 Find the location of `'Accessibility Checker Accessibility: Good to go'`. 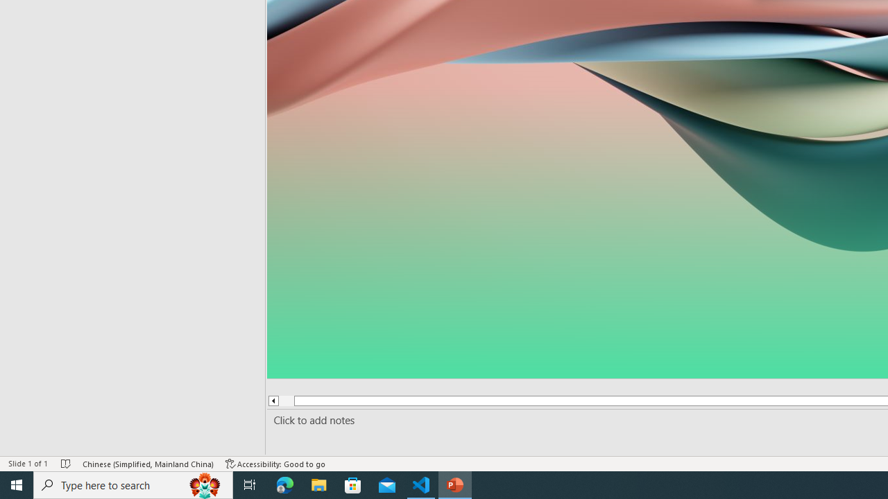

'Accessibility Checker Accessibility: Good to go' is located at coordinates (275, 464).